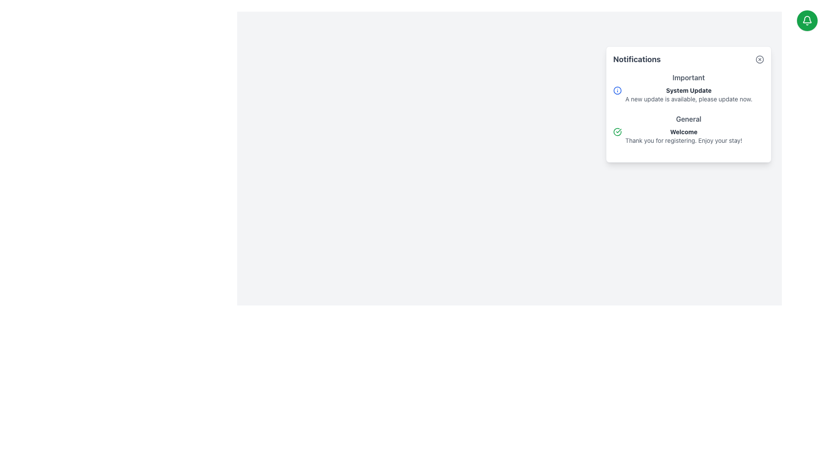 The width and height of the screenshot is (828, 466). Describe the element at coordinates (637, 59) in the screenshot. I see `the static text element that serves as the heading for the notification section, positioned at the top-left corner of the notification panel` at that location.